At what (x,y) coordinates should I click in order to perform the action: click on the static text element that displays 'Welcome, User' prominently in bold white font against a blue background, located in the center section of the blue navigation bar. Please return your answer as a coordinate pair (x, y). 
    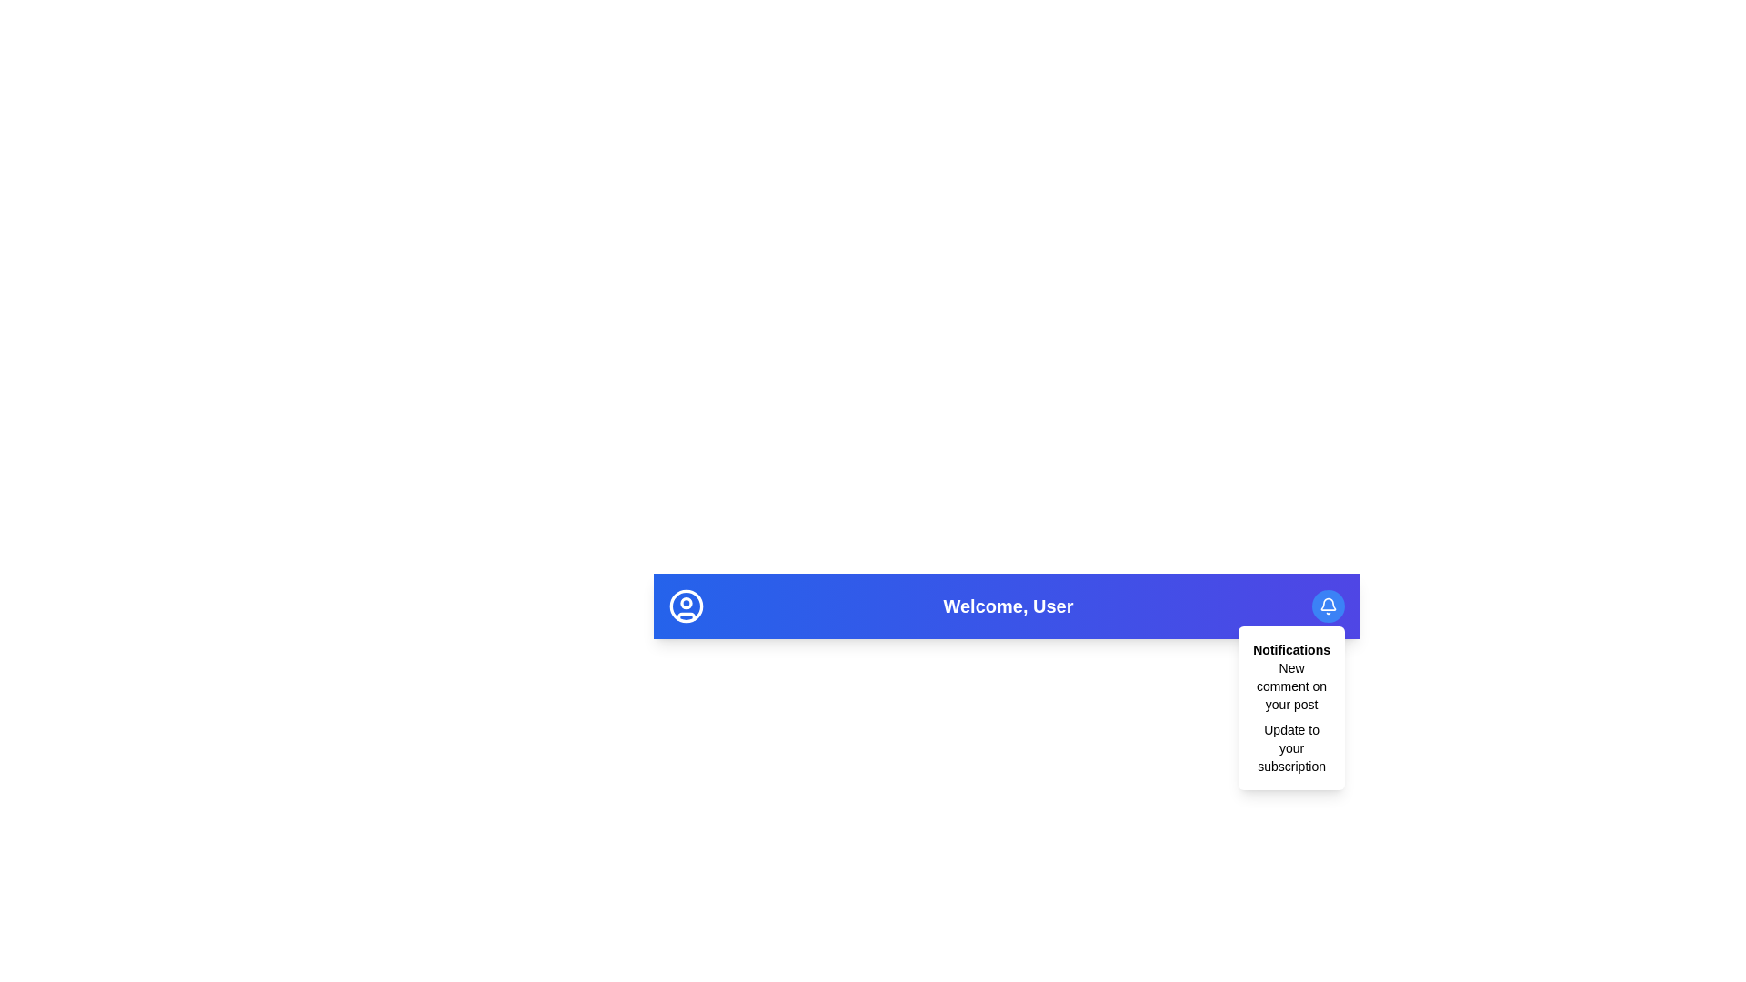
    Looking at the image, I should click on (1007, 606).